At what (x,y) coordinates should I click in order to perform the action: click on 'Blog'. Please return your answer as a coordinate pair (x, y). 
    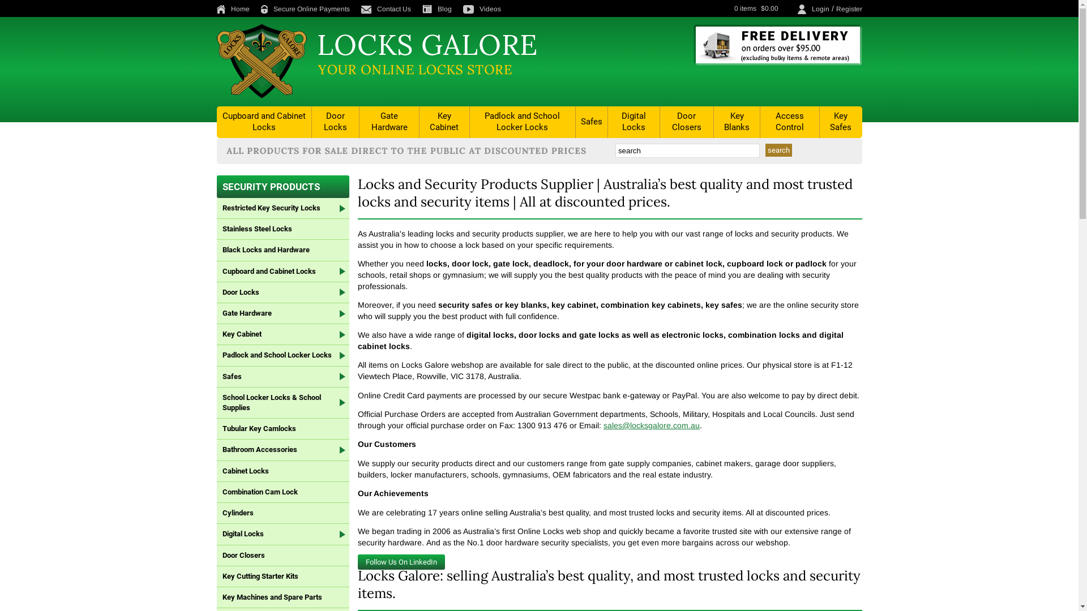
    Looking at the image, I should click on (440, 8).